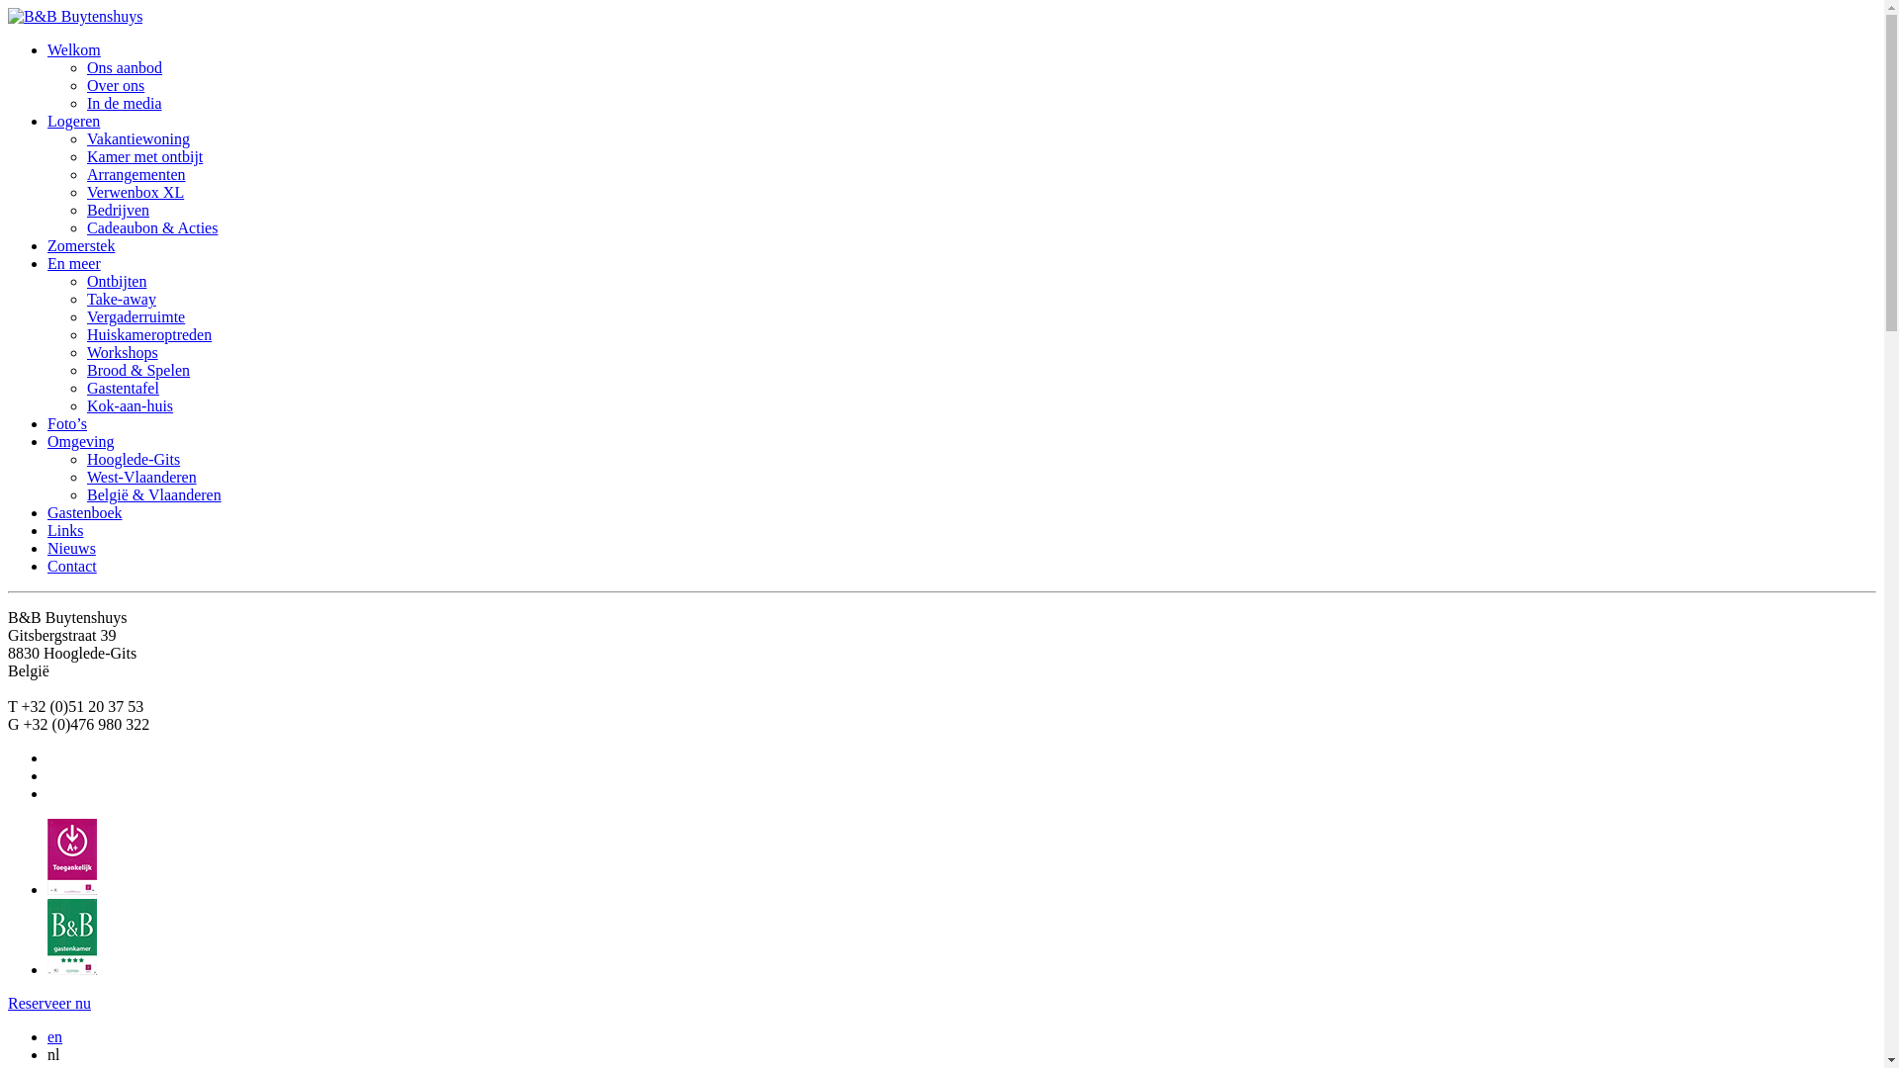  Describe the element at coordinates (122, 351) in the screenshot. I see `'Workshops'` at that location.